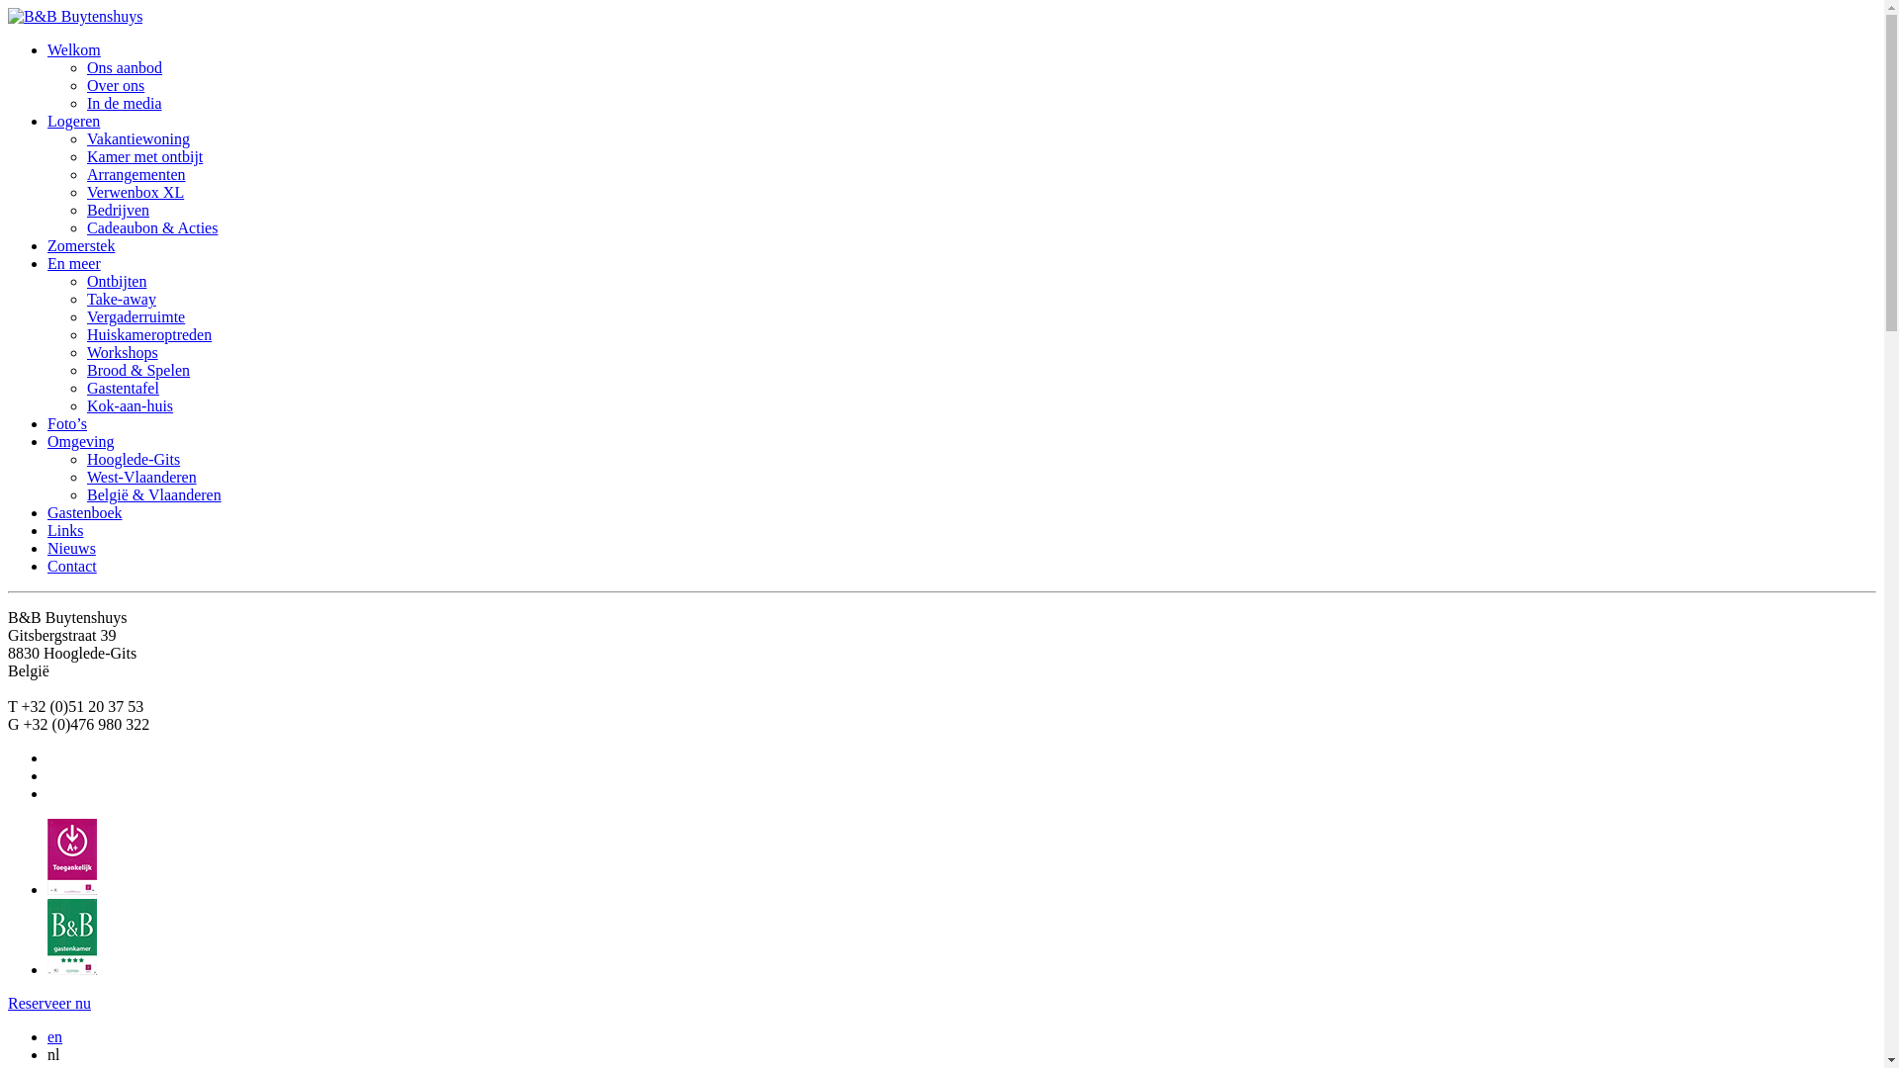  Describe the element at coordinates (122, 351) in the screenshot. I see `'Workshops'` at that location.